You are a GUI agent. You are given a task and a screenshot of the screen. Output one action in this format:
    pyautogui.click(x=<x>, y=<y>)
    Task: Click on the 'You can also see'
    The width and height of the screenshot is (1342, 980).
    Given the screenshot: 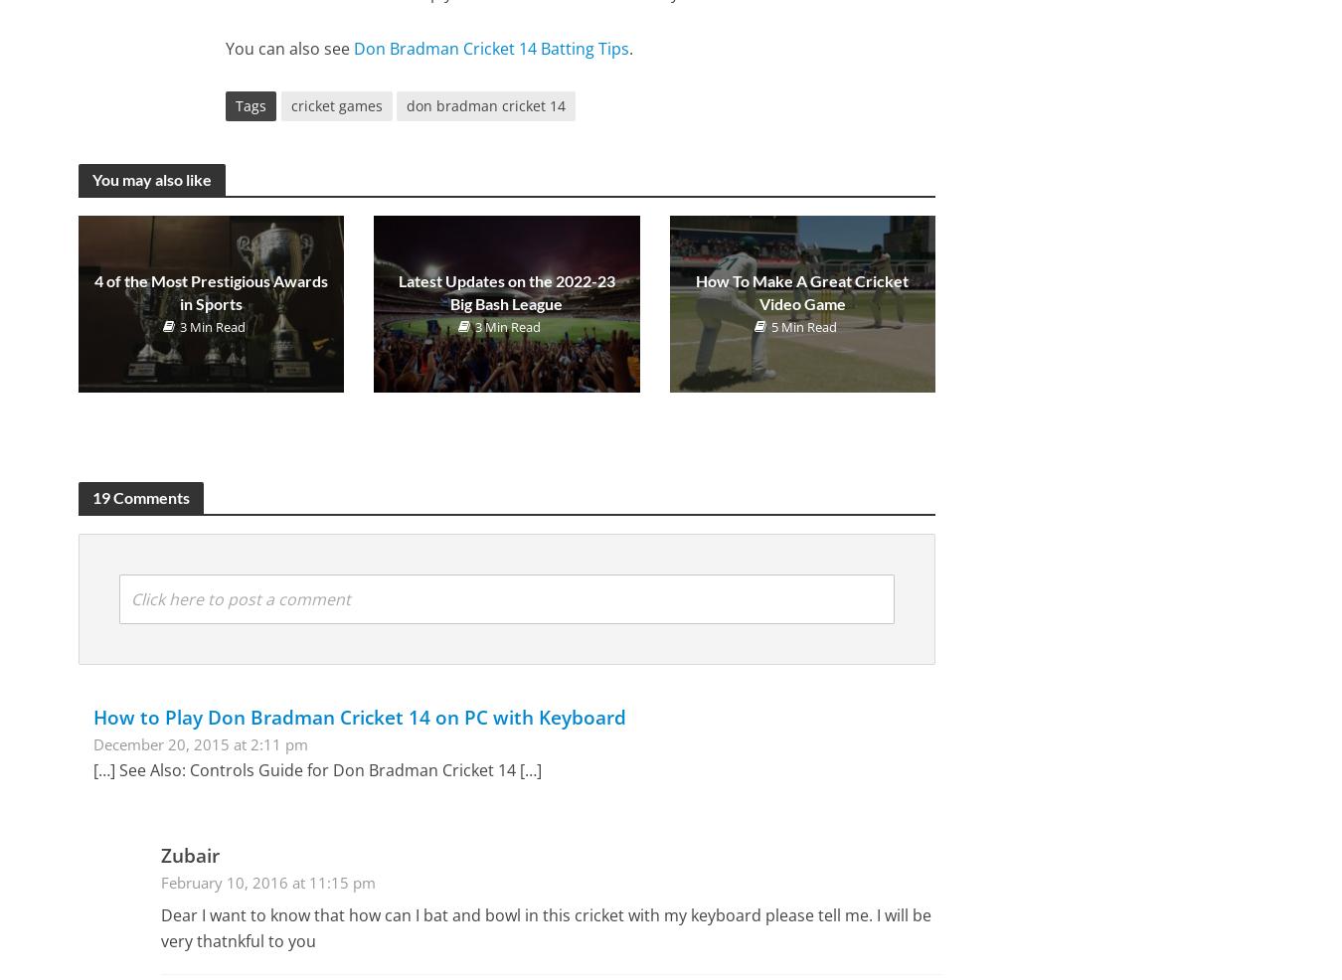 What is the action you would take?
    pyautogui.click(x=288, y=48)
    